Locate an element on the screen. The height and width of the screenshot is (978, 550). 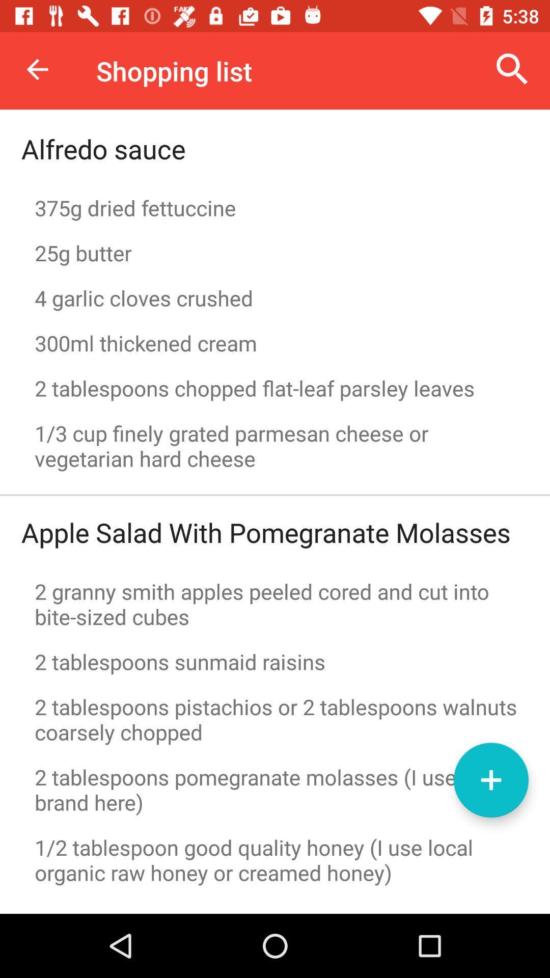
link is located at coordinates (490, 779).